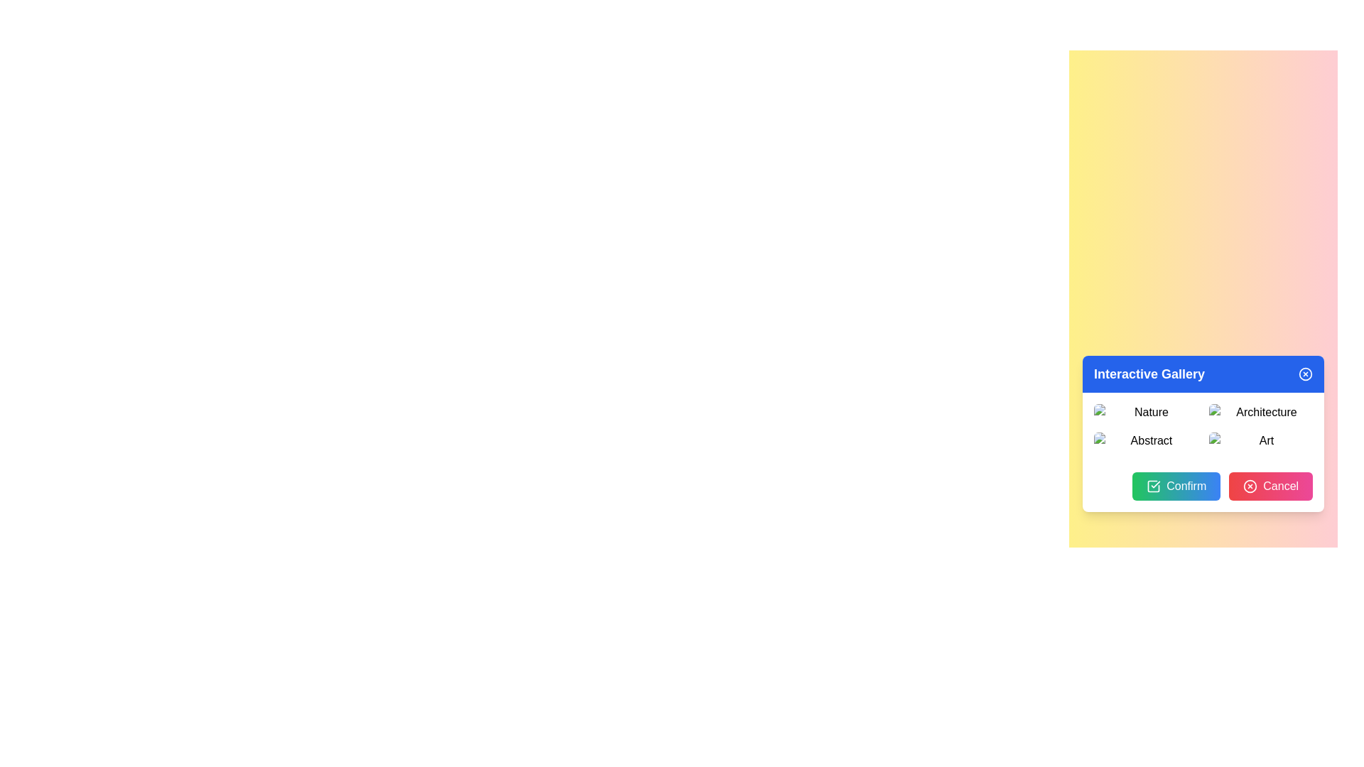  What do you see at coordinates (1261, 413) in the screenshot?
I see `the text label displaying 'Architecture' in bold white font located in the upper-right corner of the card interface` at bounding box center [1261, 413].